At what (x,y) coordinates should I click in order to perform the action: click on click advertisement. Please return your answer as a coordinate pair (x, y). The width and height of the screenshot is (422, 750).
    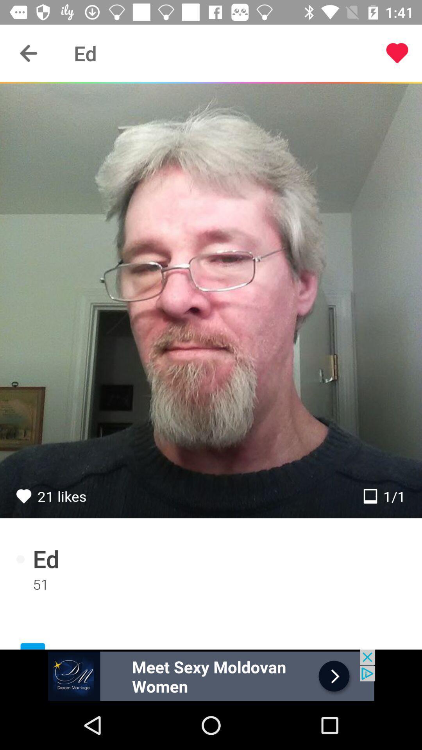
    Looking at the image, I should click on (211, 675).